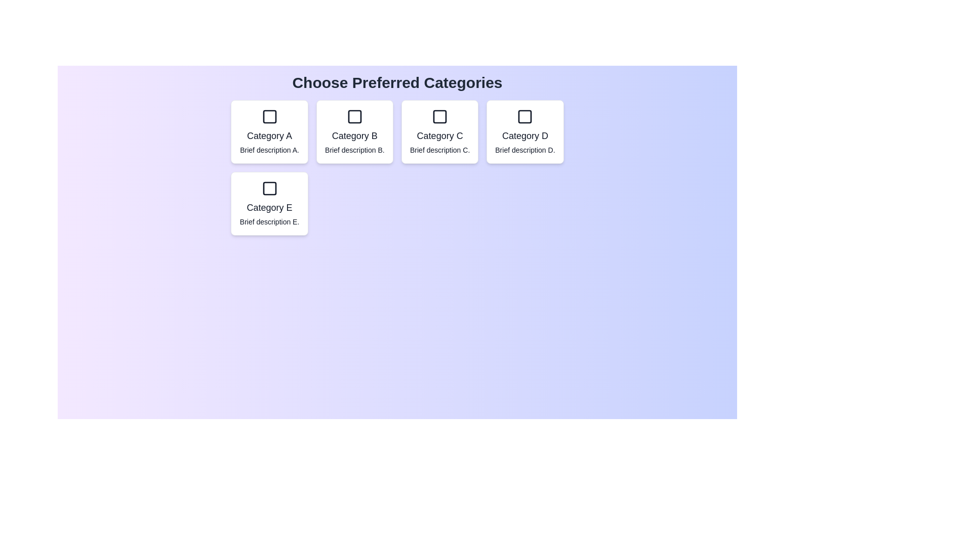  What do you see at coordinates (439, 131) in the screenshot?
I see `the category Category C by clicking on its corresponding card` at bounding box center [439, 131].